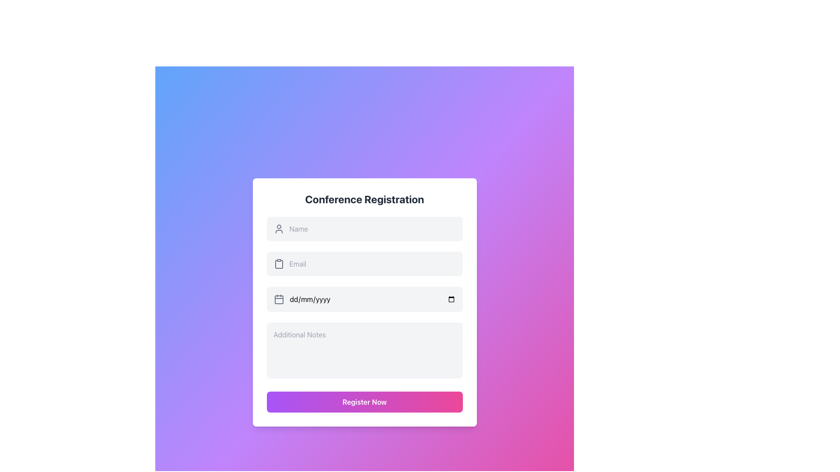 The width and height of the screenshot is (840, 472). Describe the element at coordinates (278, 299) in the screenshot. I see `the calendar icon that is visually represented with a square outline containing a grid-like structure, located to the left of a date input field in the registration form` at that location.